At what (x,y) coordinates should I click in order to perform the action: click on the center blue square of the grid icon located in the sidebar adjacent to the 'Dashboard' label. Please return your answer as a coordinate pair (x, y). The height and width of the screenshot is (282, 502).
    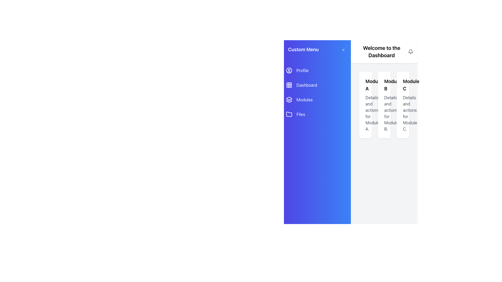
    Looking at the image, I should click on (289, 85).